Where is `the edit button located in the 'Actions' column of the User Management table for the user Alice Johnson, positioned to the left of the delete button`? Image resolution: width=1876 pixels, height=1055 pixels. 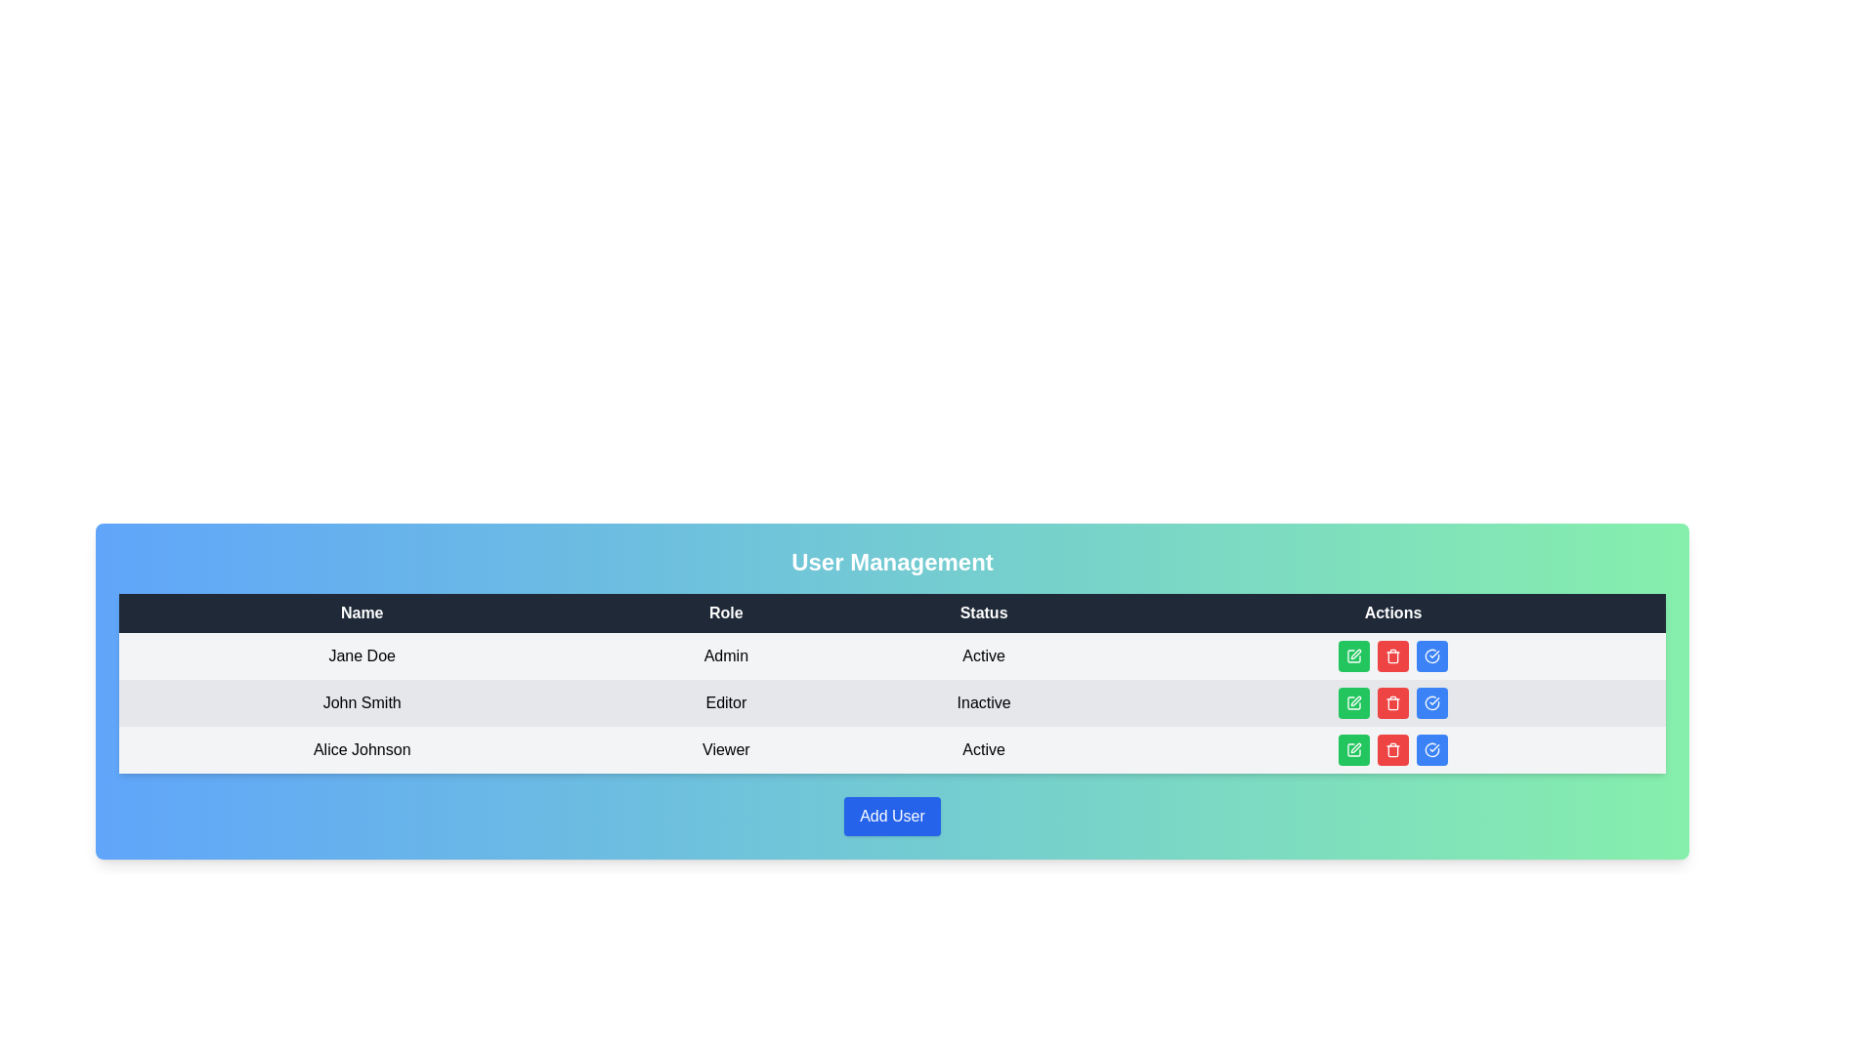
the edit button located in the 'Actions' column of the User Management table for the user Alice Johnson, positioned to the left of the delete button is located at coordinates (1353, 748).